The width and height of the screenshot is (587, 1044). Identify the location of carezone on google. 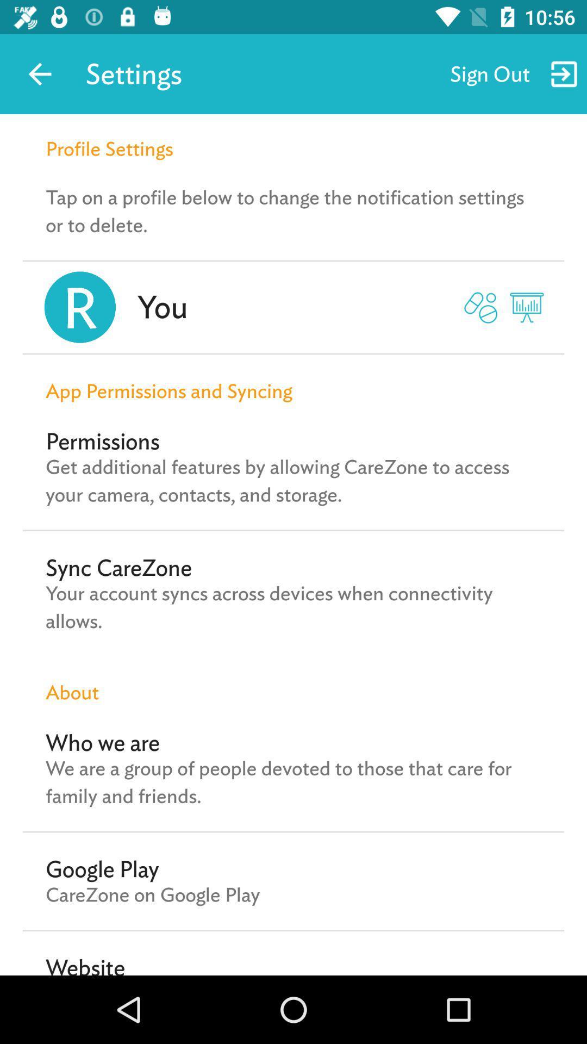
(153, 894).